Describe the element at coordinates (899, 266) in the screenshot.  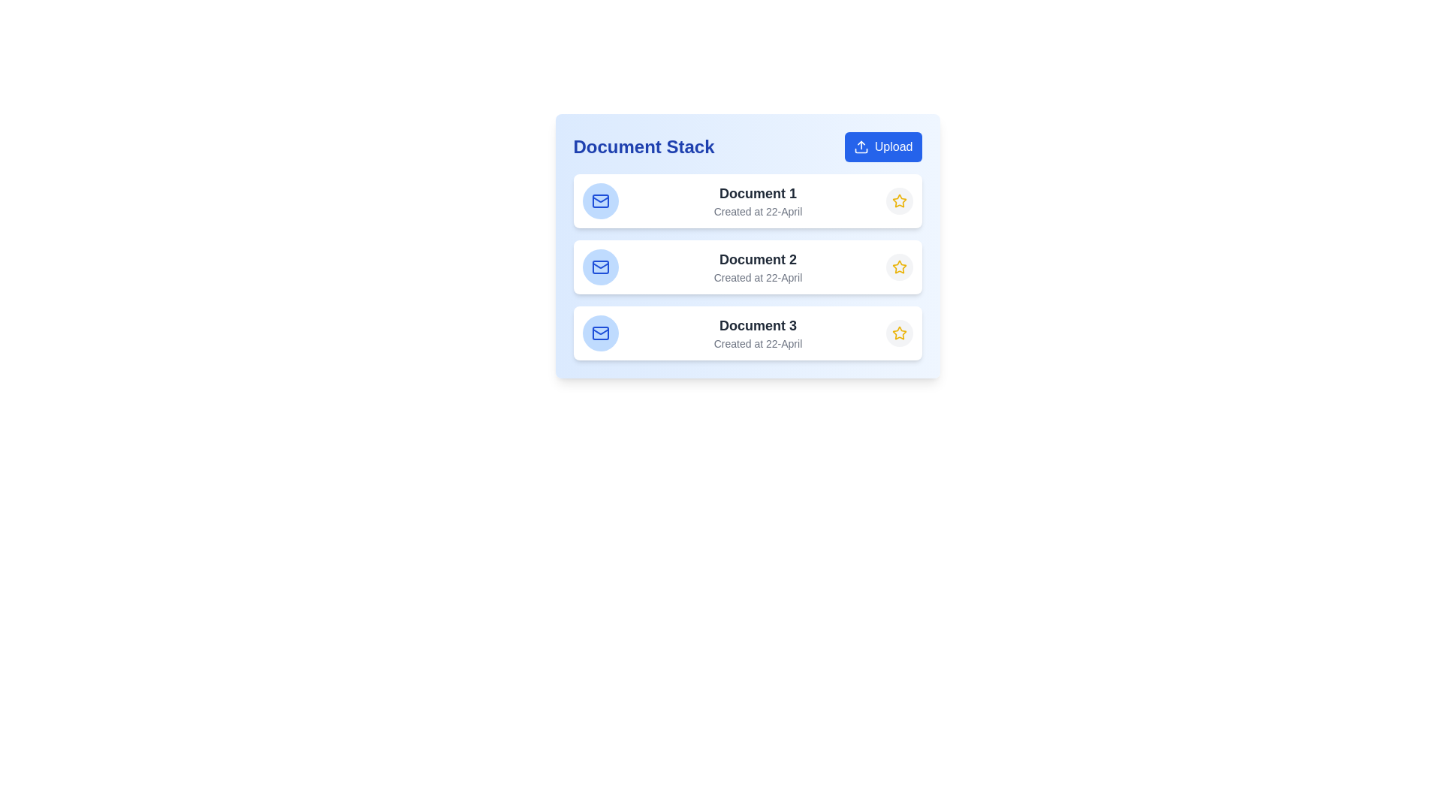
I see `the second star icon with a yellow outline located to the right of 'Document 2'` at that location.